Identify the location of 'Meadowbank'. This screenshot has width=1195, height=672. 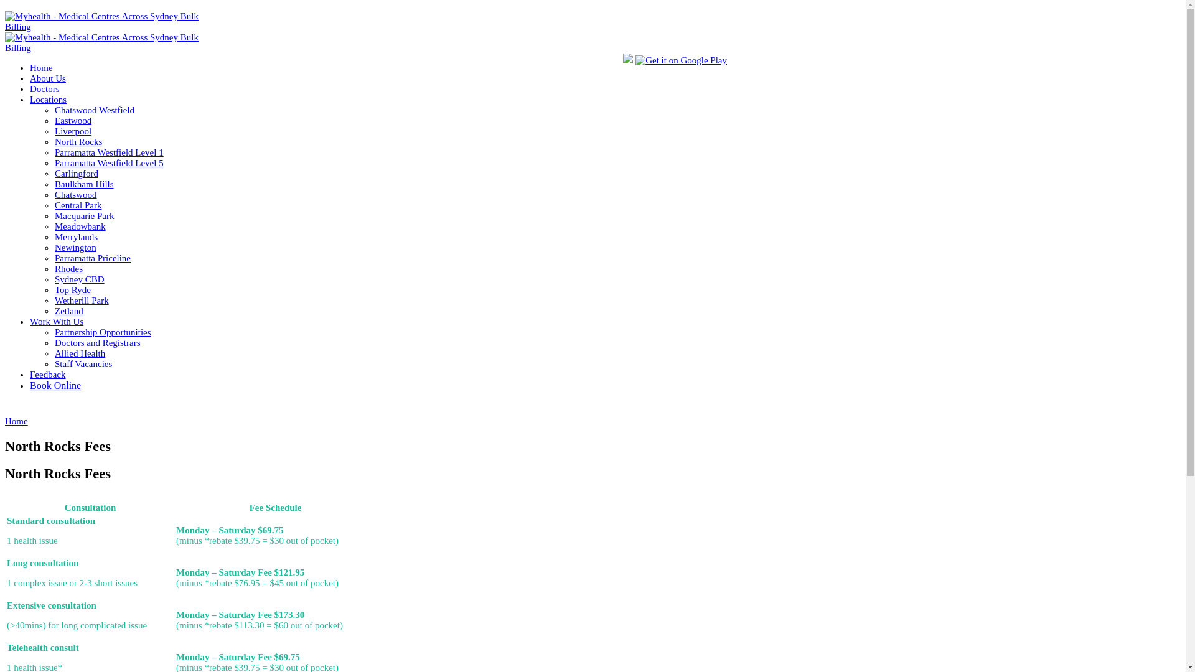
(80, 226).